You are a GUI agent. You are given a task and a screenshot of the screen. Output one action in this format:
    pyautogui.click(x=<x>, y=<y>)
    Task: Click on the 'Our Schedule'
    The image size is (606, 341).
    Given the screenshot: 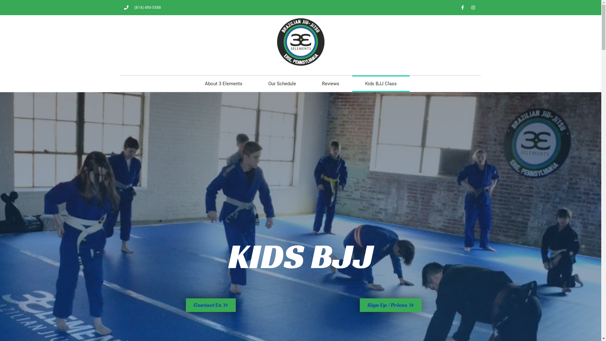 What is the action you would take?
    pyautogui.click(x=281, y=83)
    